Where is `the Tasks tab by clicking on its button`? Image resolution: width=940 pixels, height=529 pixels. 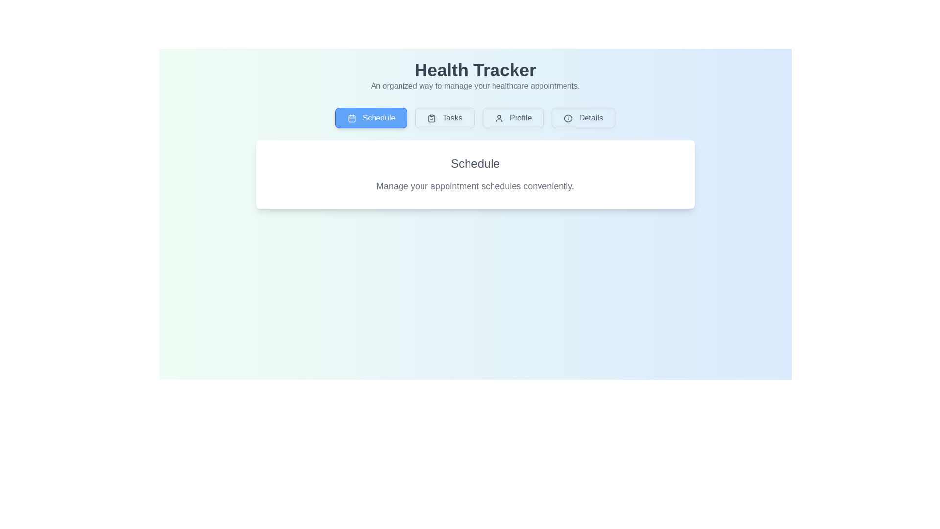 the Tasks tab by clicking on its button is located at coordinates (444, 117).